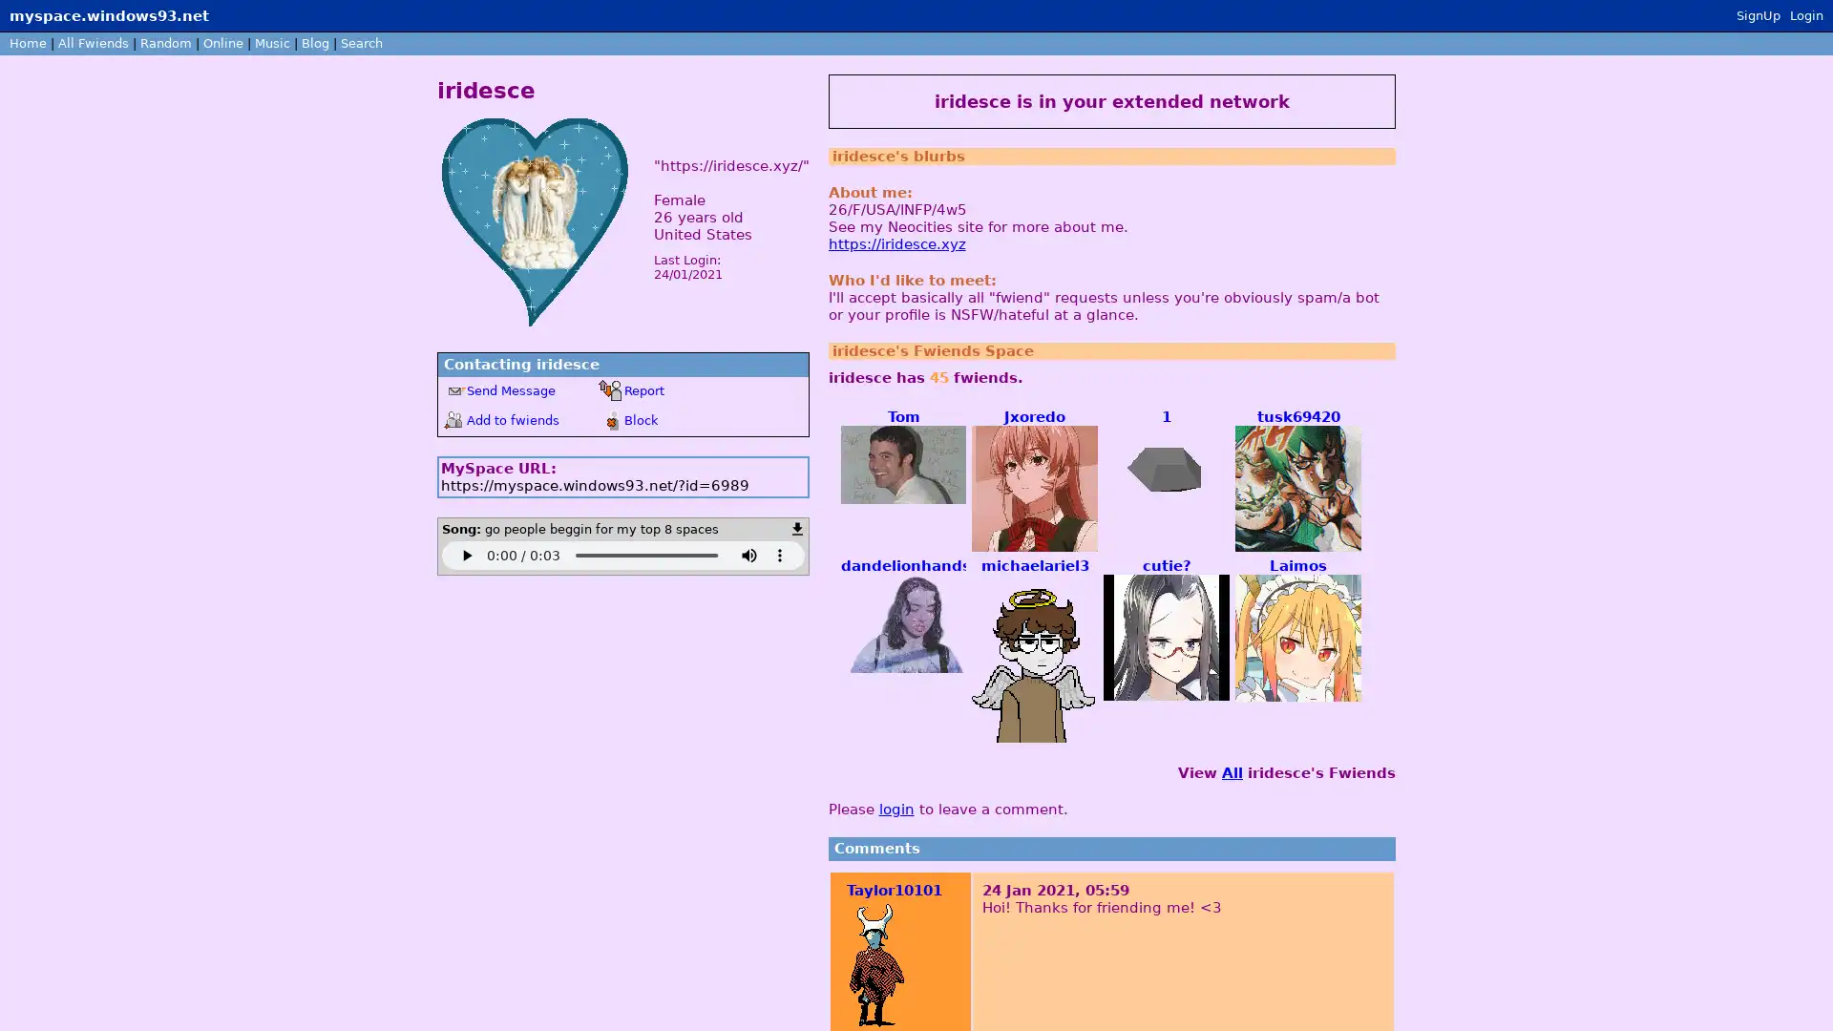  I want to click on play, so click(467, 556).